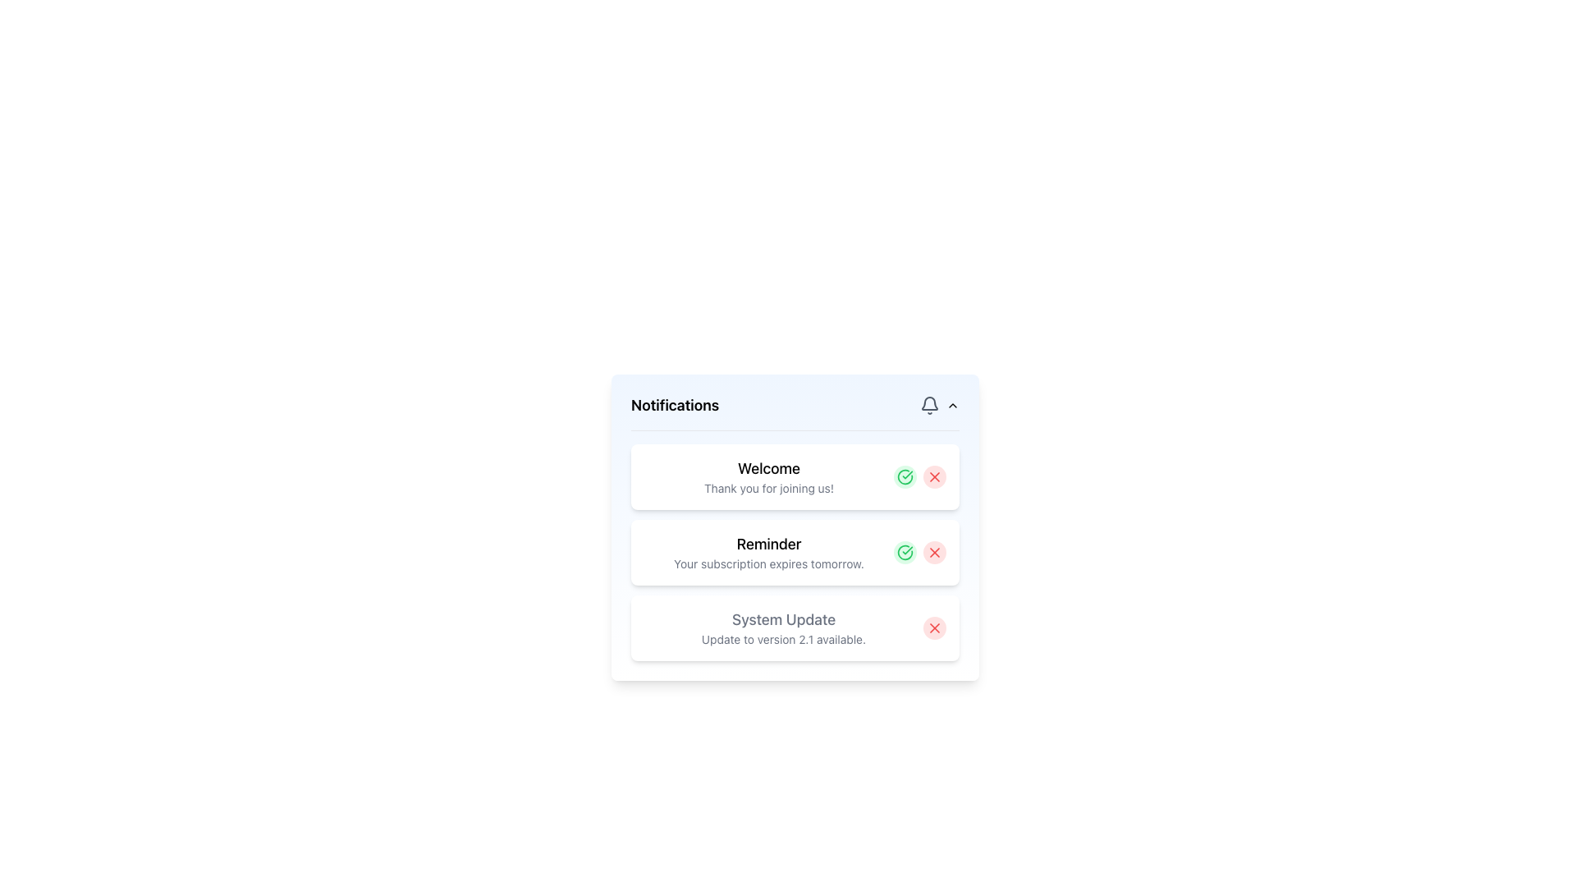 Image resolution: width=1576 pixels, height=887 pixels. Describe the element at coordinates (934, 552) in the screenshot. I see `the red 'X' icon in the 'Reminder' notification panel` at that location.